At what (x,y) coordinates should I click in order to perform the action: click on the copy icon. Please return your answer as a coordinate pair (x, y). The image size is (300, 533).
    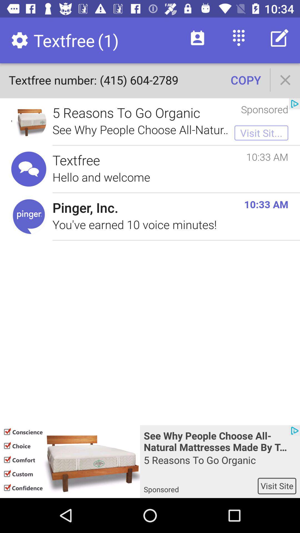
    Looking at the image, I should click on (245, 80).